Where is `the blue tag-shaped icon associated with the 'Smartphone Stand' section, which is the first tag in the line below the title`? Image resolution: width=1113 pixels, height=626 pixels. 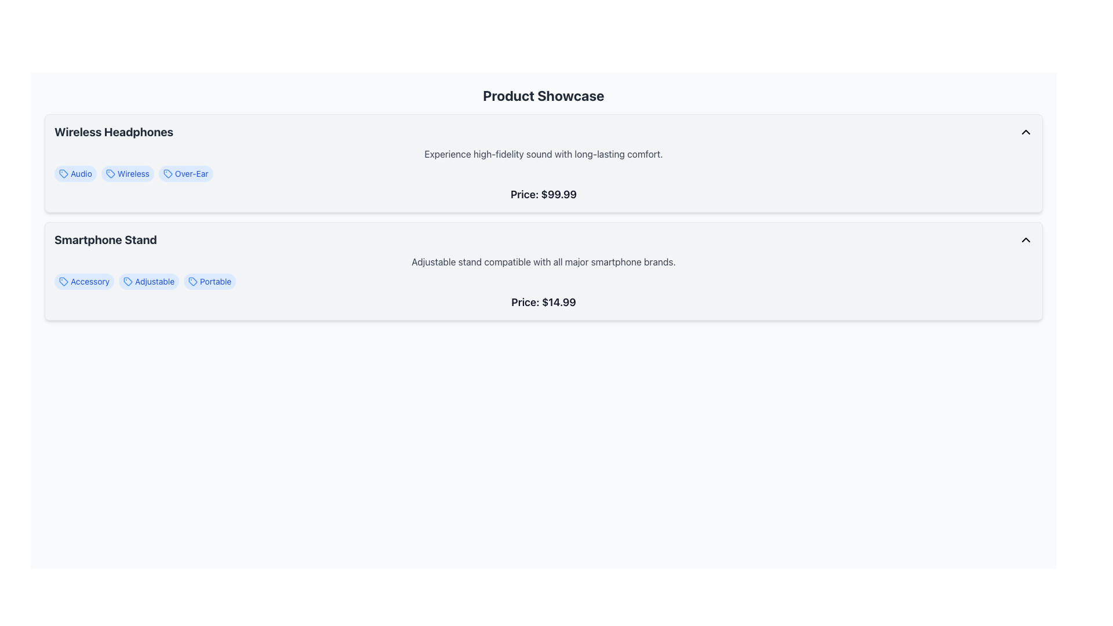
the blue tag-shaped icon associated with the 'Smartphone Stand' section, which is the first tag in the line below the title is located at coordinates (63, 282).